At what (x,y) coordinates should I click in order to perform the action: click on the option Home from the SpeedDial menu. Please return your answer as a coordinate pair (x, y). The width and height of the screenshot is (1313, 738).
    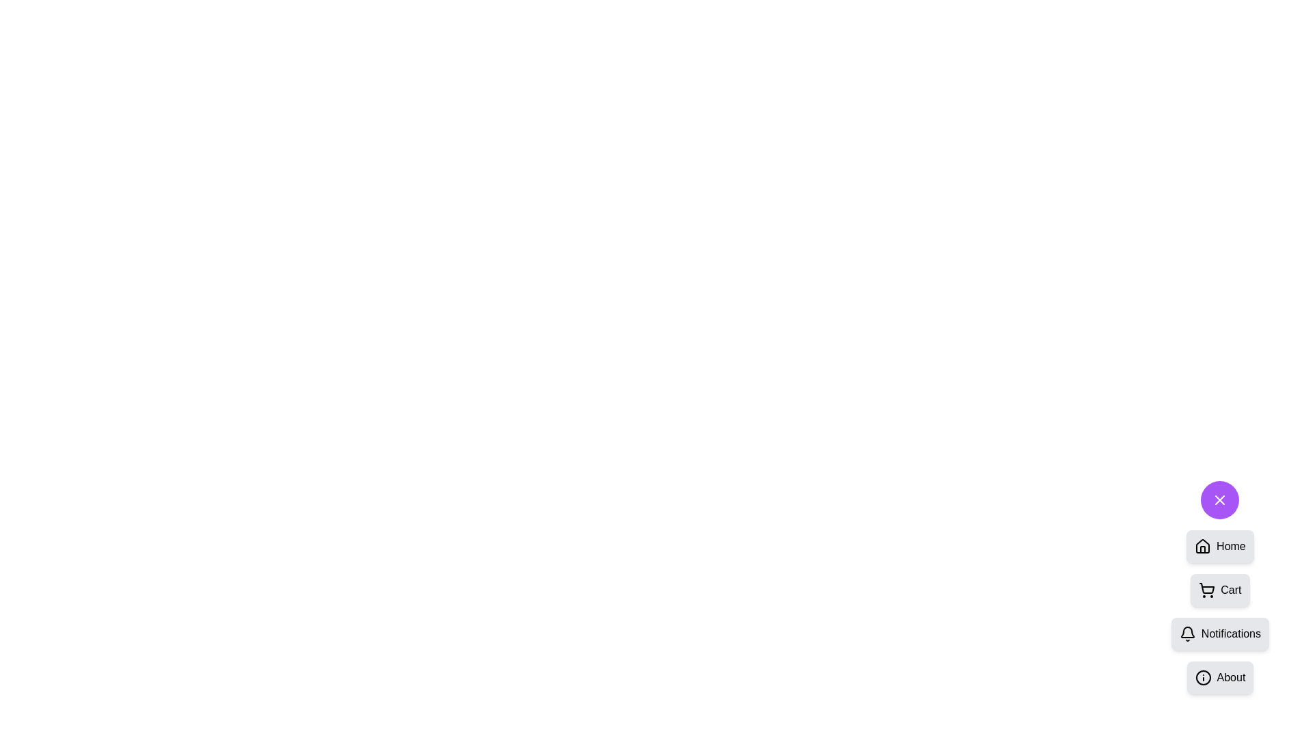
    Looking at the image, I should click on (1220, 545).